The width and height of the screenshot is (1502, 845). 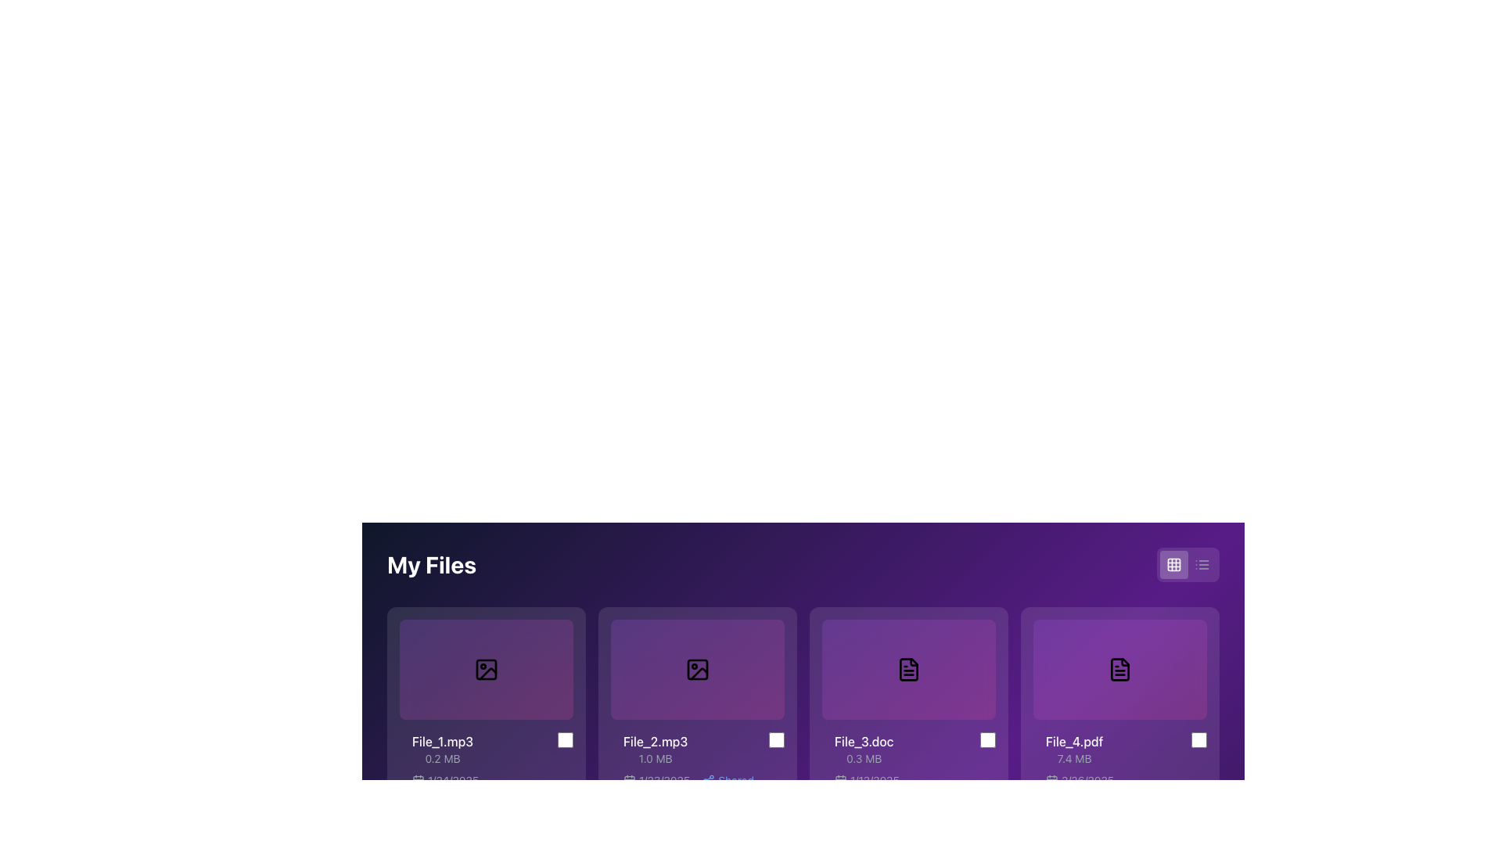 What do you see at coordinates (442, 757) in the screenshot?
I see `the text label that provides information about the size of the file named 'File_1.mp3', located below the file name in the grid-style file display interface` at bounding box center [442, 757].